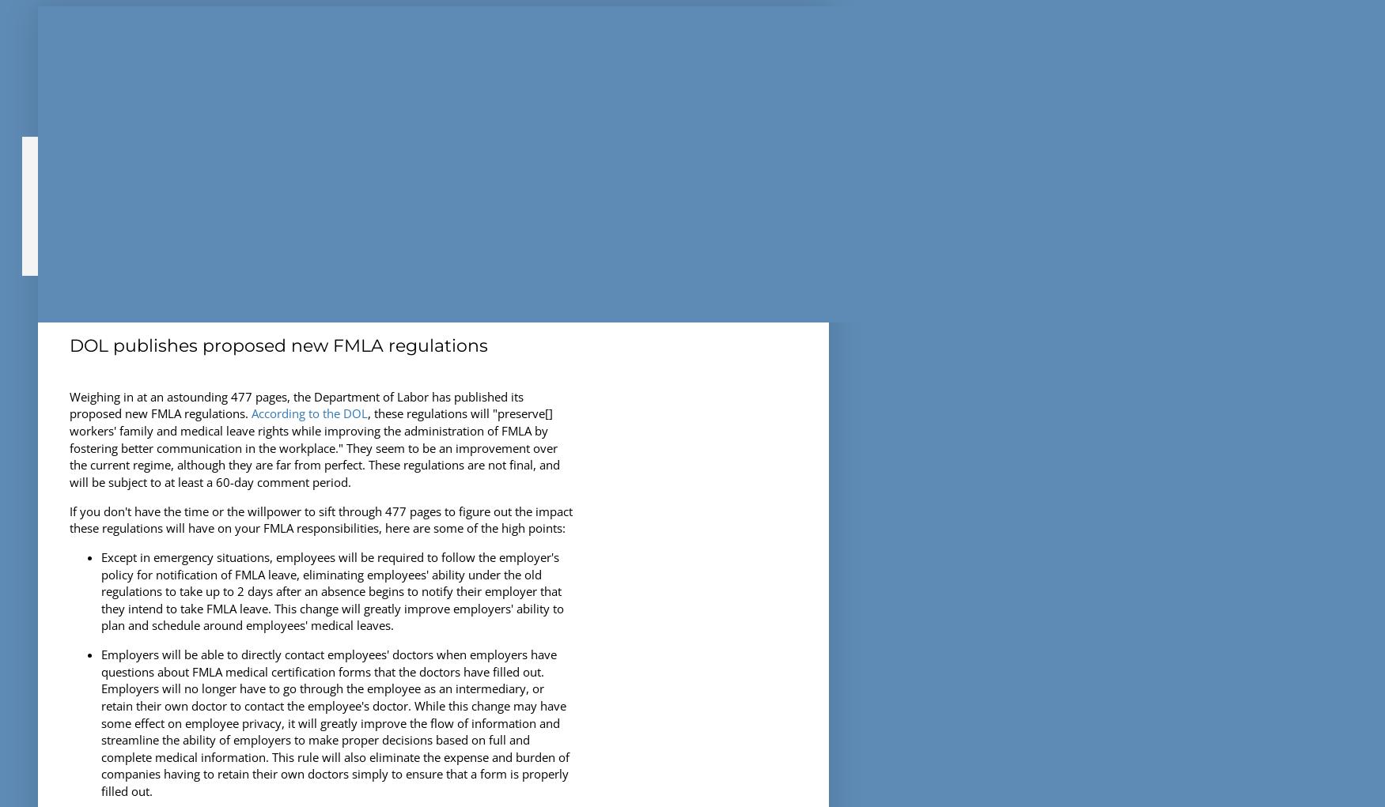 The width and height of the screenshot is (1385, 807). What do you see at coordinates (335, 722) in the screenshot?
I see `'Employers will be able to directly contact employees' doctors when employers have questions about FMLA medical certification forms that the doctors have filled out. Employers will no longer have to go through the employee as an intermediary, or retain their own doctor to contact the employee's doctor. While this change may have some effect on employee privacy, it will greatly improve the flow of information and streamline the ability of employers to make proper decisions based on full and complete medical information. This rule will also eliminate the expense and burden of companies having to retain their own doctors simply to ensure that a form is properly filled out.'` at bounding box center [335, 722].